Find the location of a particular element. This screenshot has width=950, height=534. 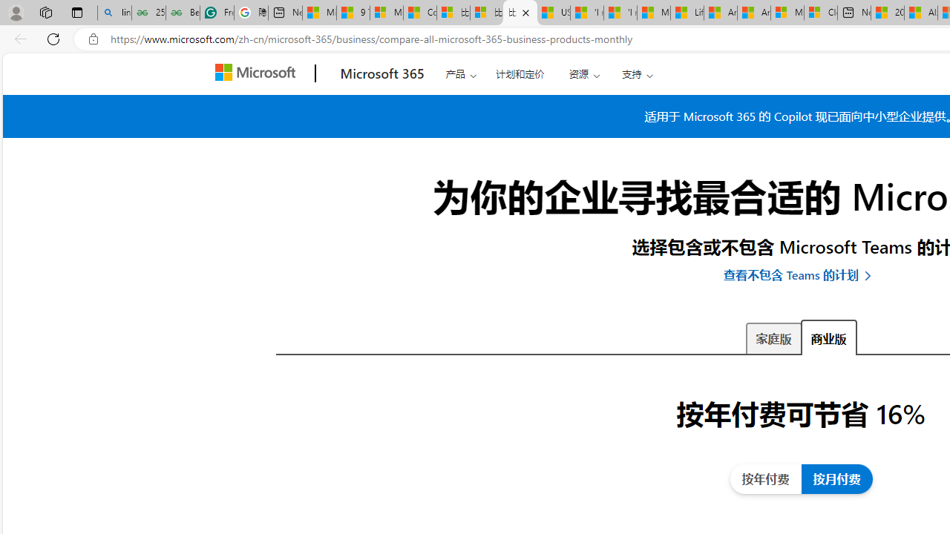

'20 Ways to Boost Your Protein Intake at Every Meal' is located at coordinates (888, 13).